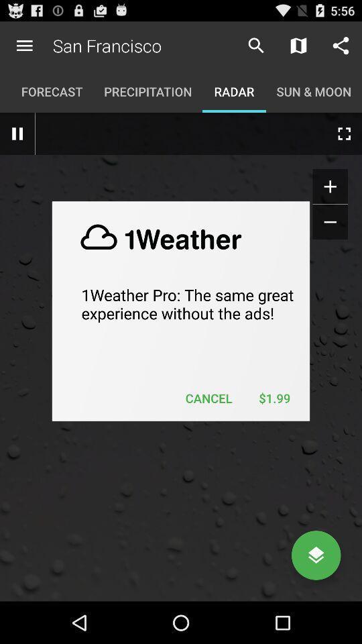 This screenshot has height=644, width=362. What do you see at coordinates (274, 398) in the screenshot?
I see `item below 1weather pro the` at bounding box center [274, 398].